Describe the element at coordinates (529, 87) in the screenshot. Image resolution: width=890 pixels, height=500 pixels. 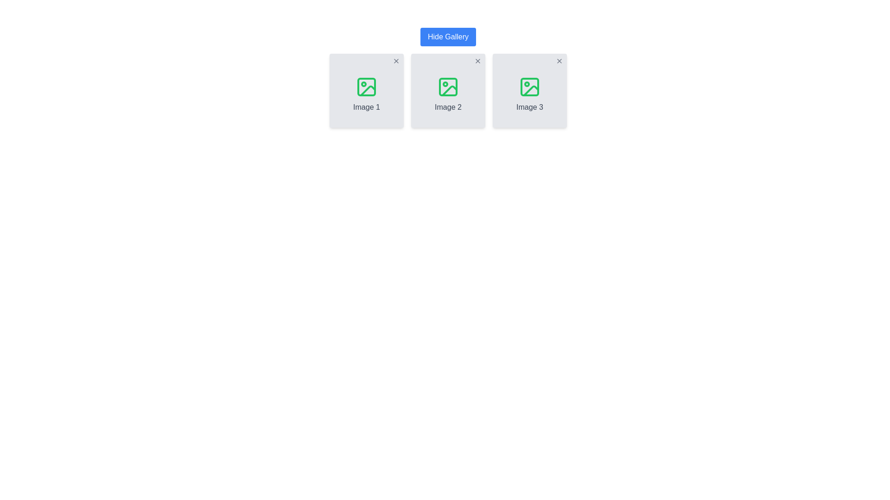
I see `the SVG icon representing an image, which has a green stroke and is centrally positioned within the third gray rectangular card, above the label 'Image 3'` at that location.